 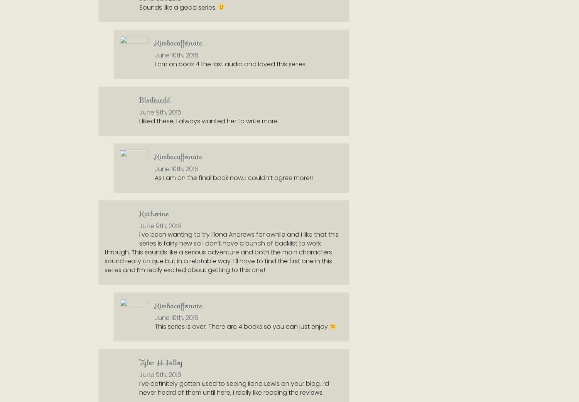 What do you see at coordinates (234, 387) in the screenshot?
I see `'I’ve definitely gotten used to seeing Ilona Lewis on your blog. I’d never heard of them until here, I really like reading the reviews.'` at bounding box center [234, 387].